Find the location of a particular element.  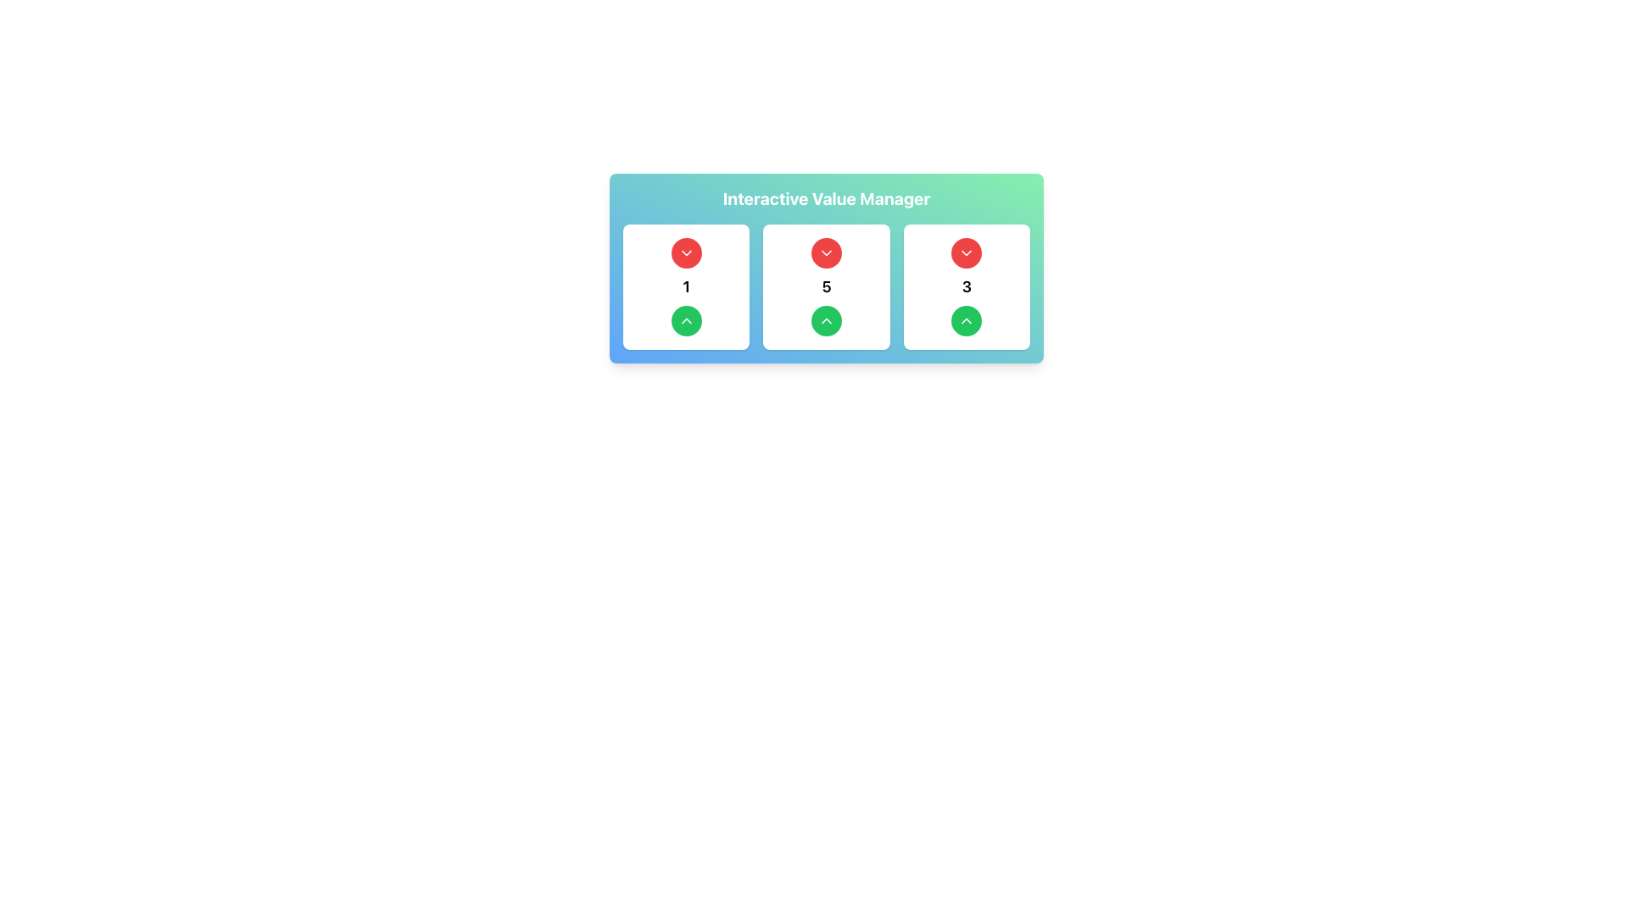

the green button located below the number '5' in the interactive value manager card to increase the displayed value is located at coordinates (826, 286).